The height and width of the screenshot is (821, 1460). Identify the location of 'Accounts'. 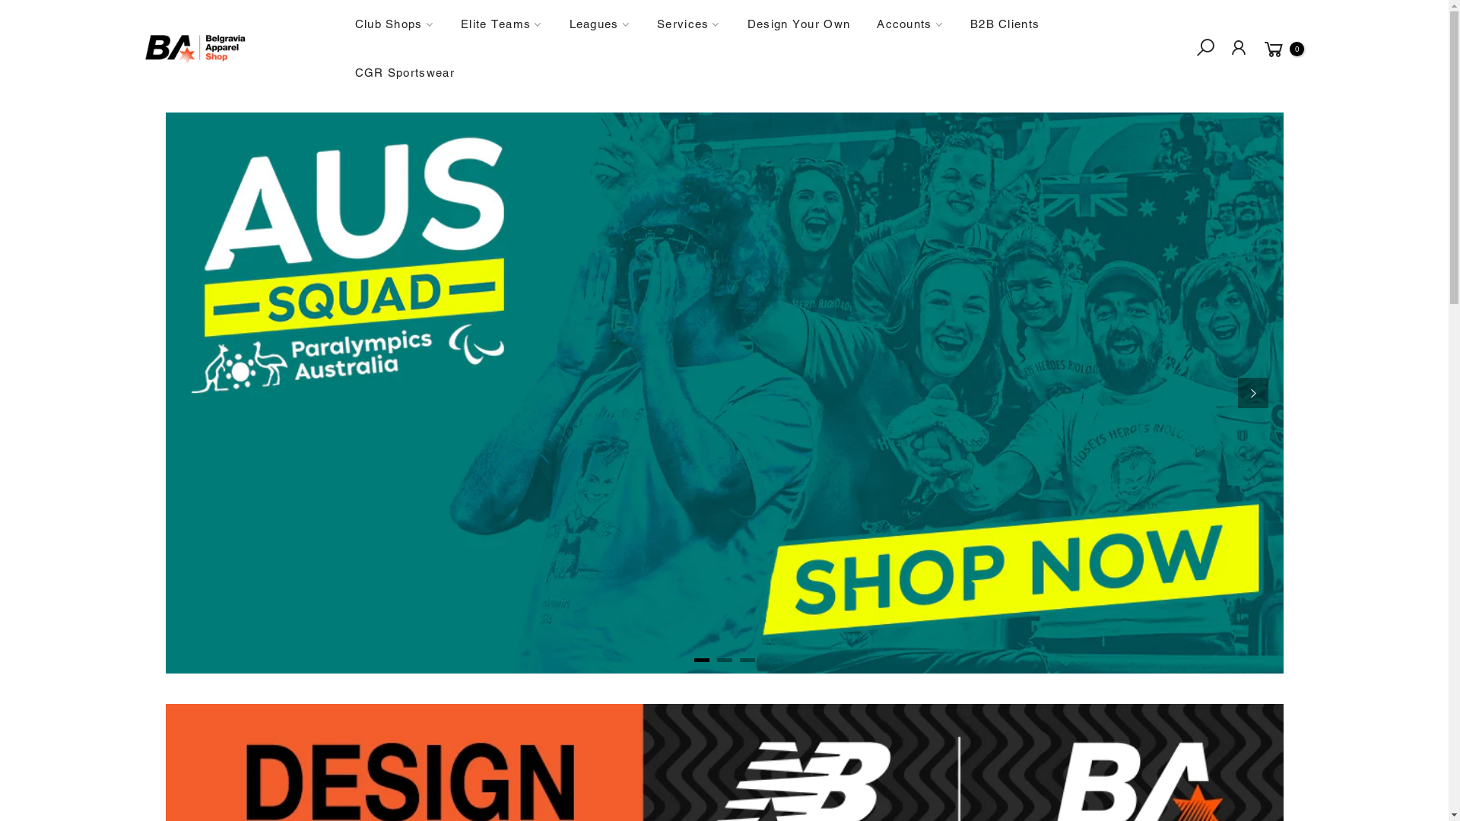
(864, 24).